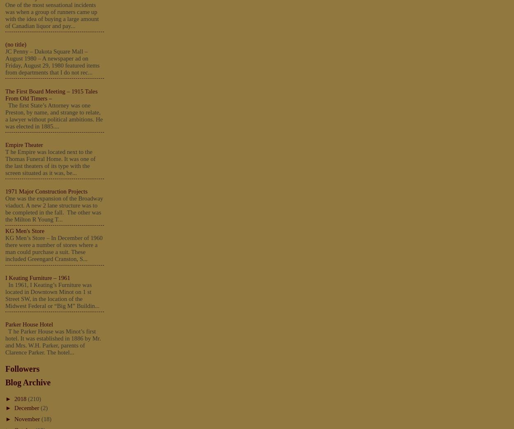  Describe the element at coordinates (50, 161) in the screenshot. I see `'T he Empire was located next to the Thomas Funeral Home. It was one of the last theaters of its type with the screen situated as it was, be...'` at that location.